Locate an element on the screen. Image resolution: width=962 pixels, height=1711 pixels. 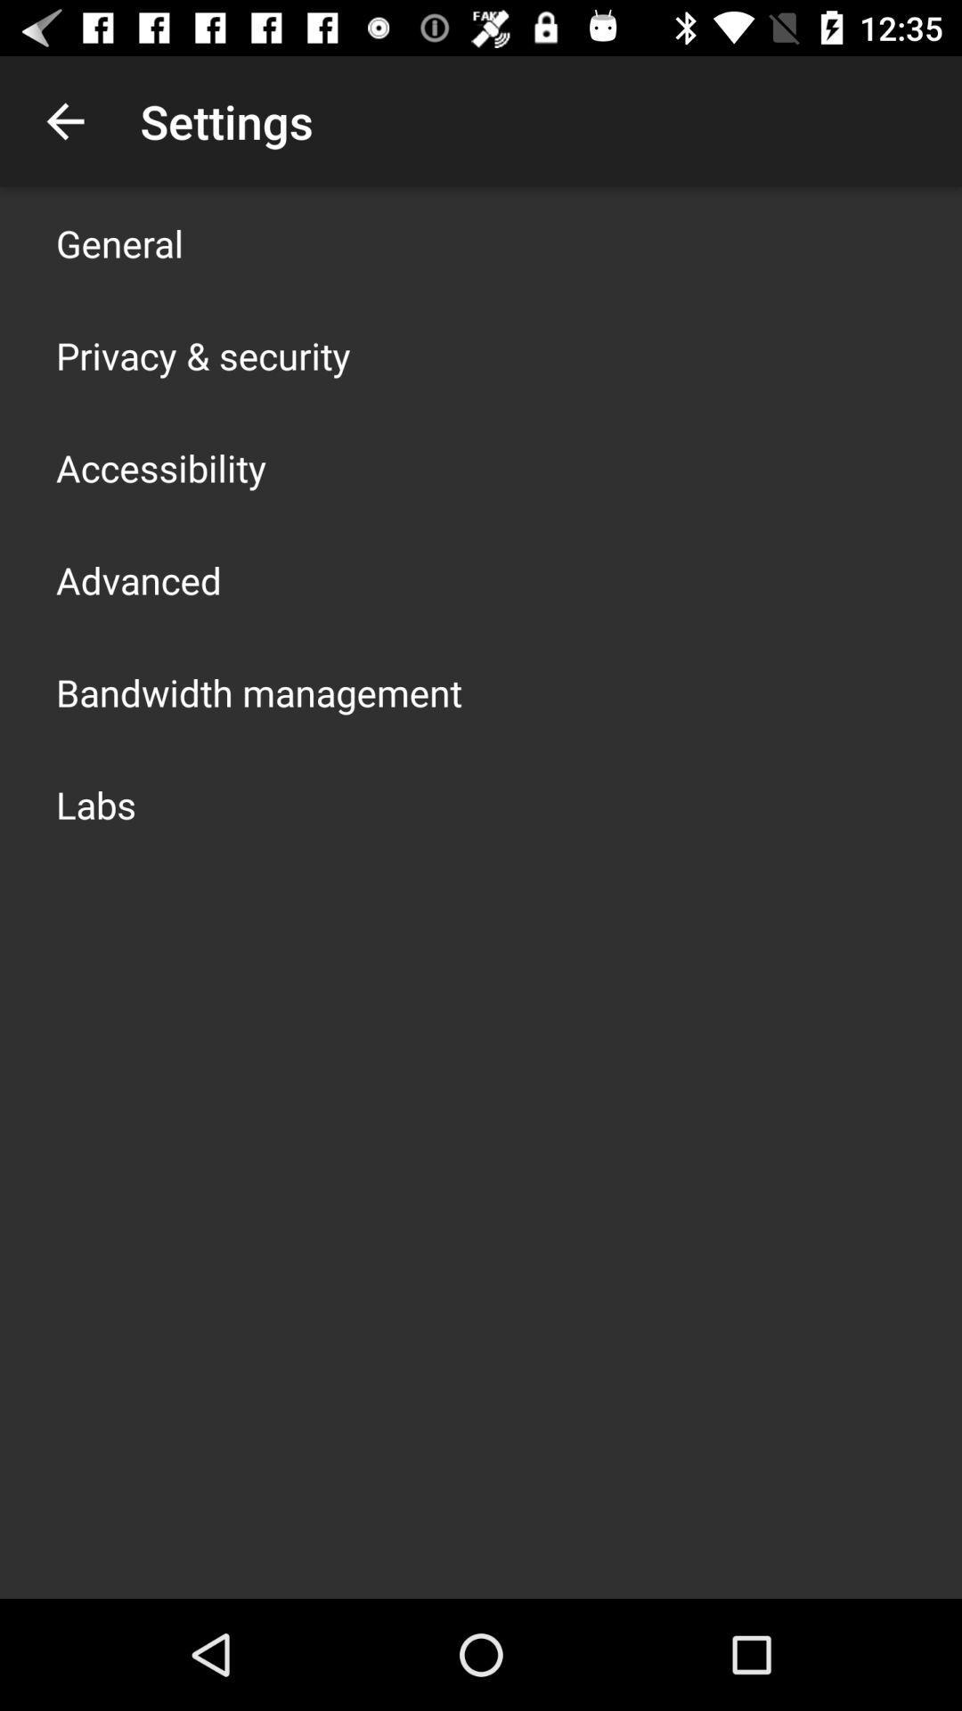
the accessibility icon is located at coordinates (161, 467).